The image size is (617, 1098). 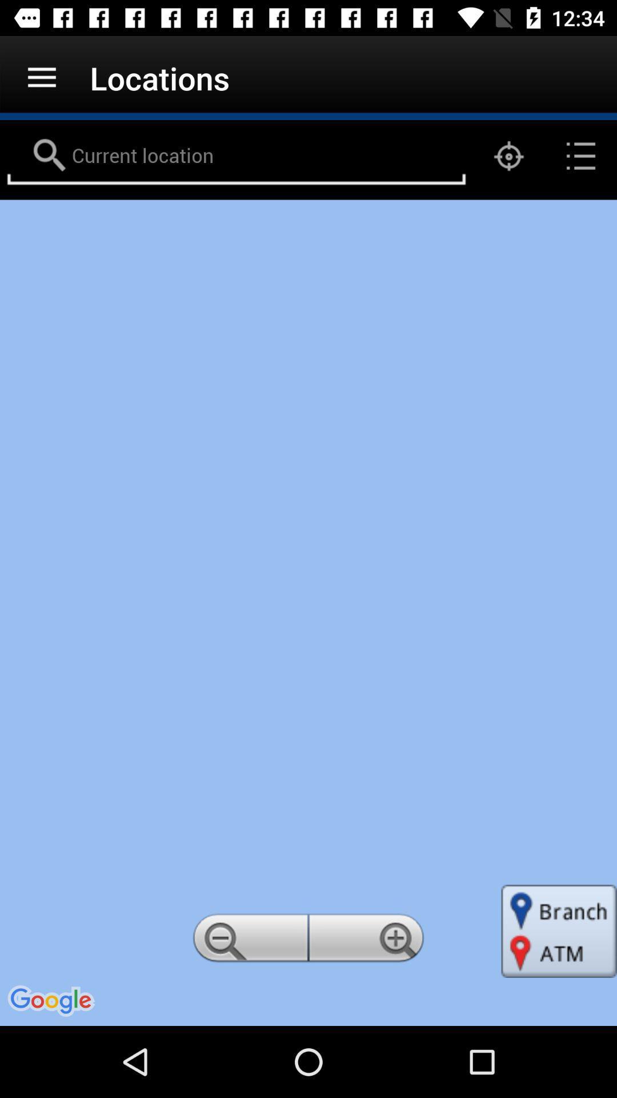 I want to click on the location_crosshair icon, so click(x=508, y=156).